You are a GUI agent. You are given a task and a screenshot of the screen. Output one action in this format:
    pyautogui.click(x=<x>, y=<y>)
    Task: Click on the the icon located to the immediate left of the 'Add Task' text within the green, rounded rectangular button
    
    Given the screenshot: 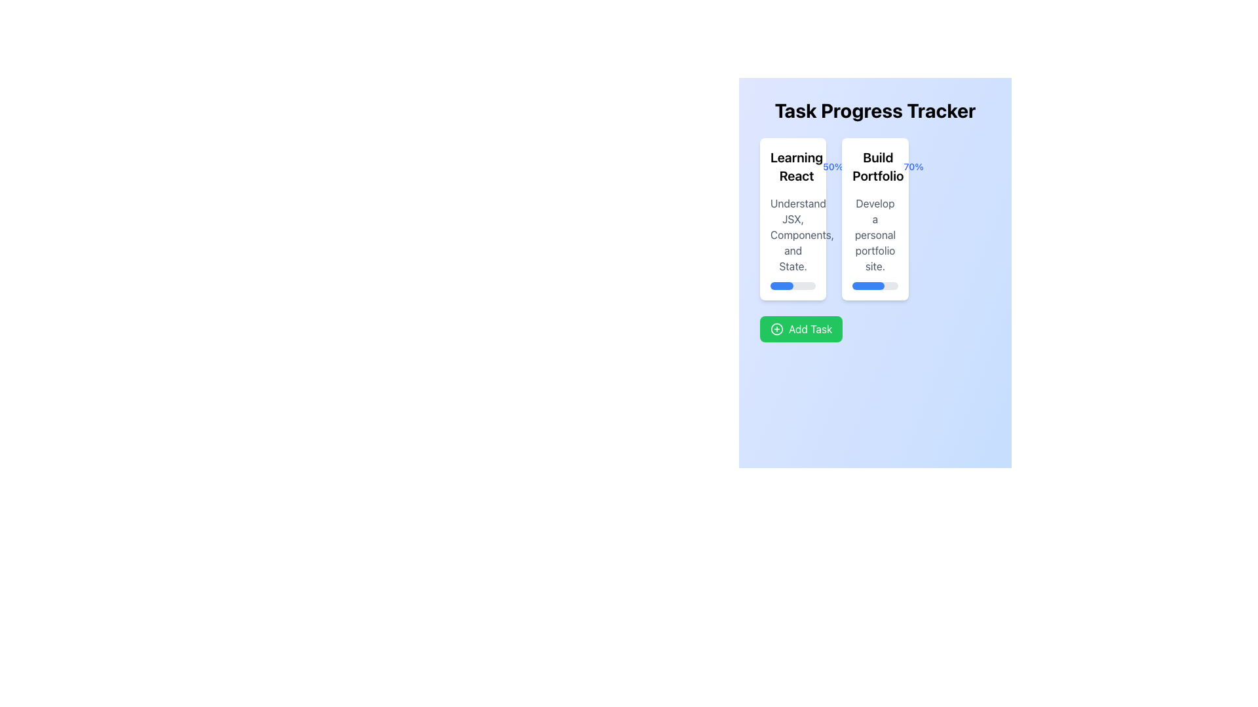 What is the action you would take?
    pyautogui.click(x=776, y=328)
    